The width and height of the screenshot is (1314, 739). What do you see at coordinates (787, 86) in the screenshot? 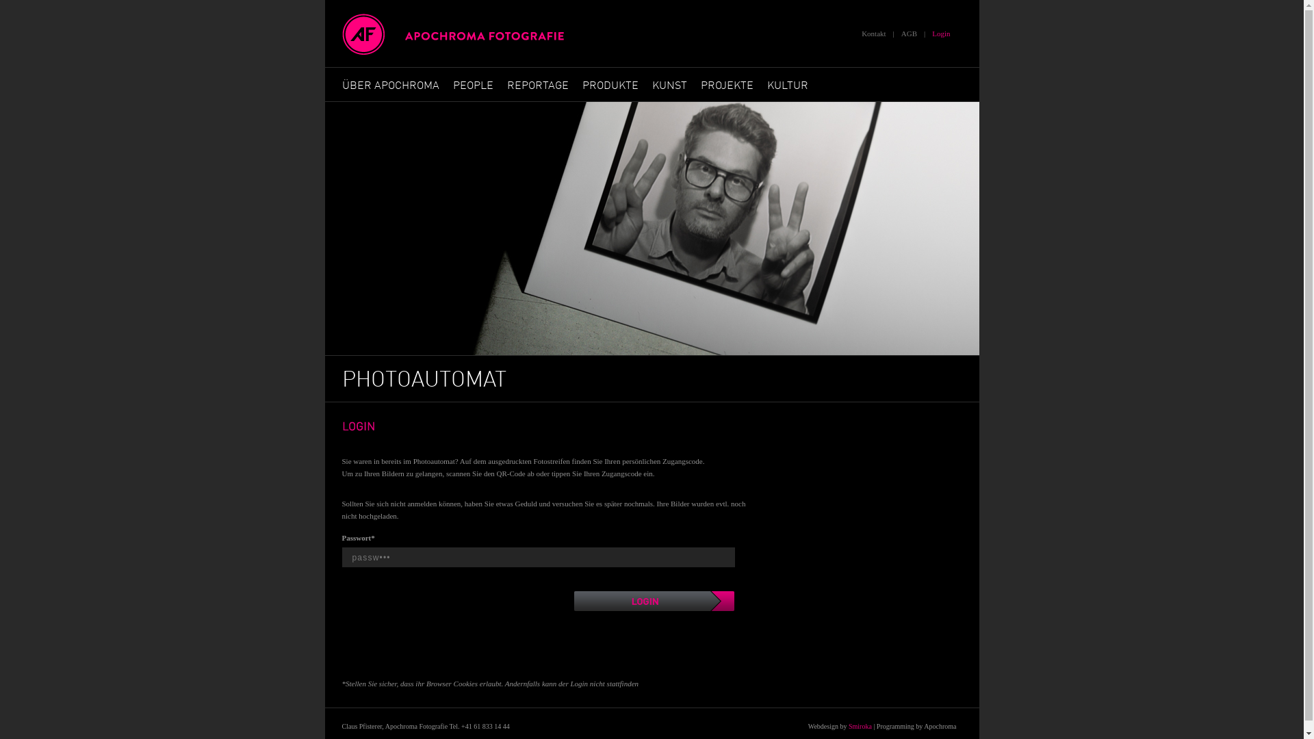
I see `'KULTUR'` at bounding box center [787, 86].